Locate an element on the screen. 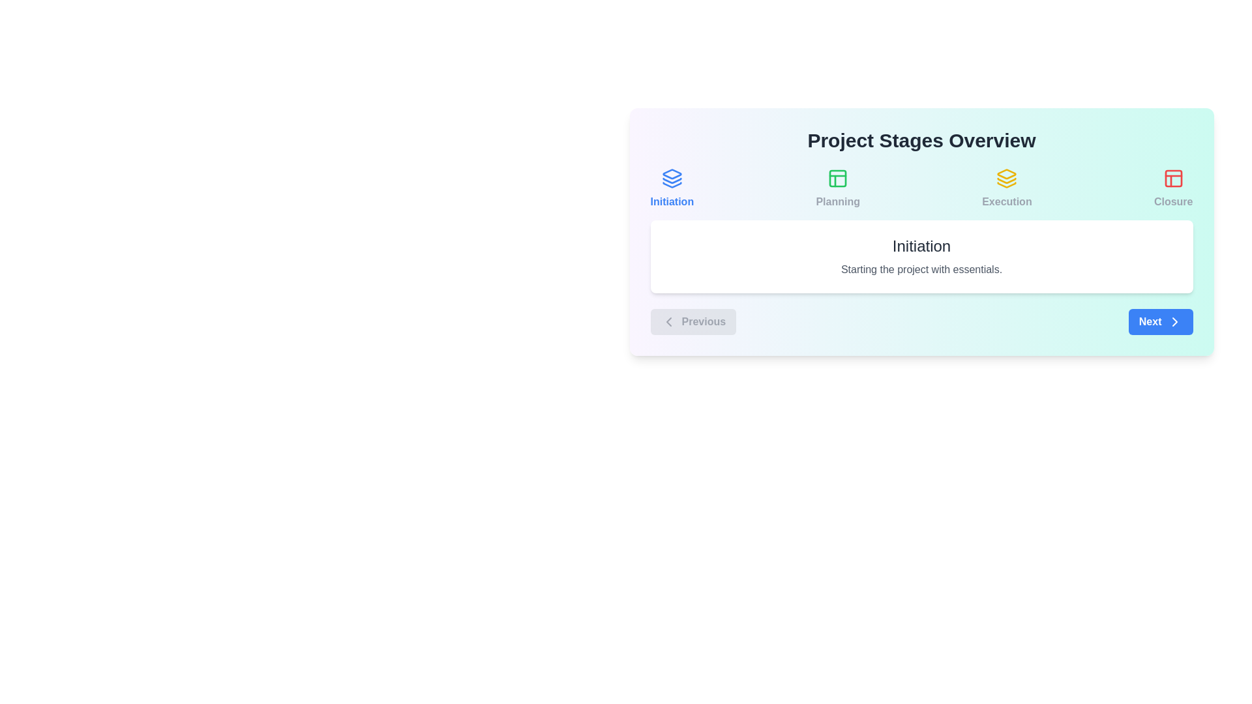  the red grid-like icon located at the far right of the icon row in the 'Project Stages Overview' panel, above the 'Closure' label is located at coordinates (1173, 178).